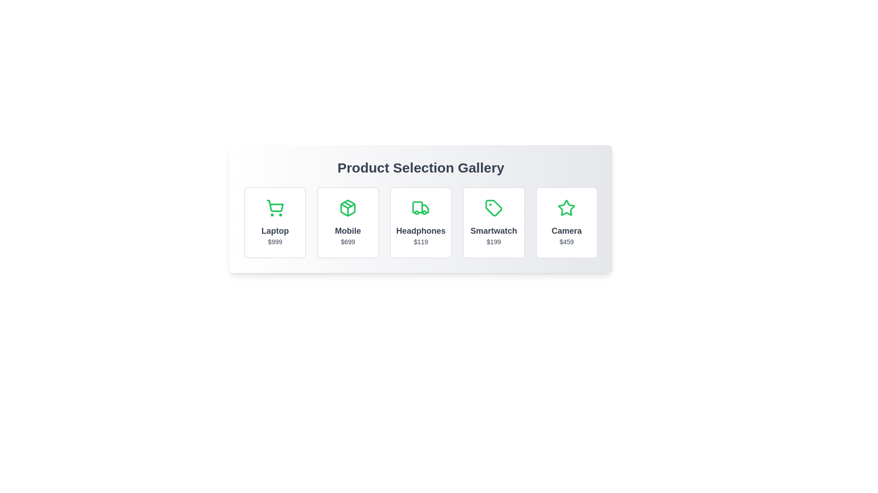 Image resolution: width=878 pixels, height=493 pixels. I want to click on text displayed in the Text Label that shows 'Smartwatch' and its price '$199', located in the fourth position of the product cards gallery, so click(493, 235).